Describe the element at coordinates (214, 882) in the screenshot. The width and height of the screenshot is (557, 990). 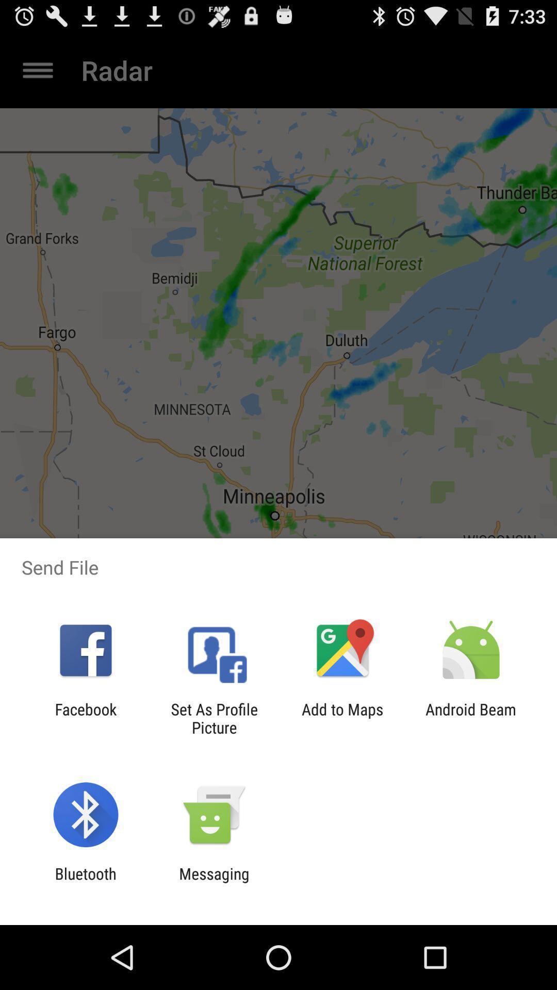
I see `app to the right of bluetooth` at that location.